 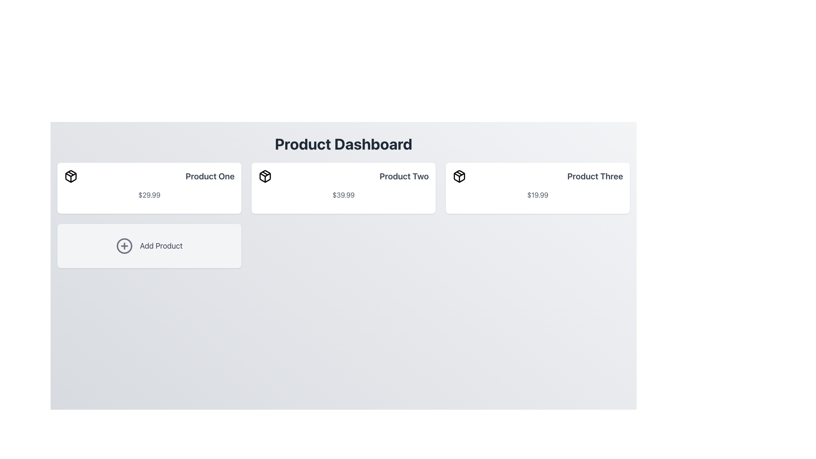 What do you see at coordinates (149, 246) in the screenshot?
I see `the 'Add Product' button located in the bottom left corner of the product grid` at bounding box center [149, 246].